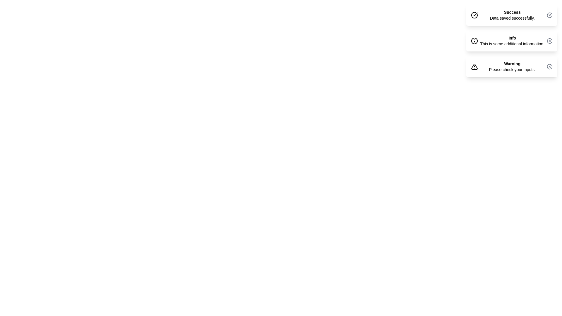 Image resolution: width=562 pixels, height=316 pixels. Describe the element at coordinates (475, 40) in the screenshot. I see `the informational icon located within the 'Info' notification box, adjacent to the text 'This is some additional information.'` at that location.